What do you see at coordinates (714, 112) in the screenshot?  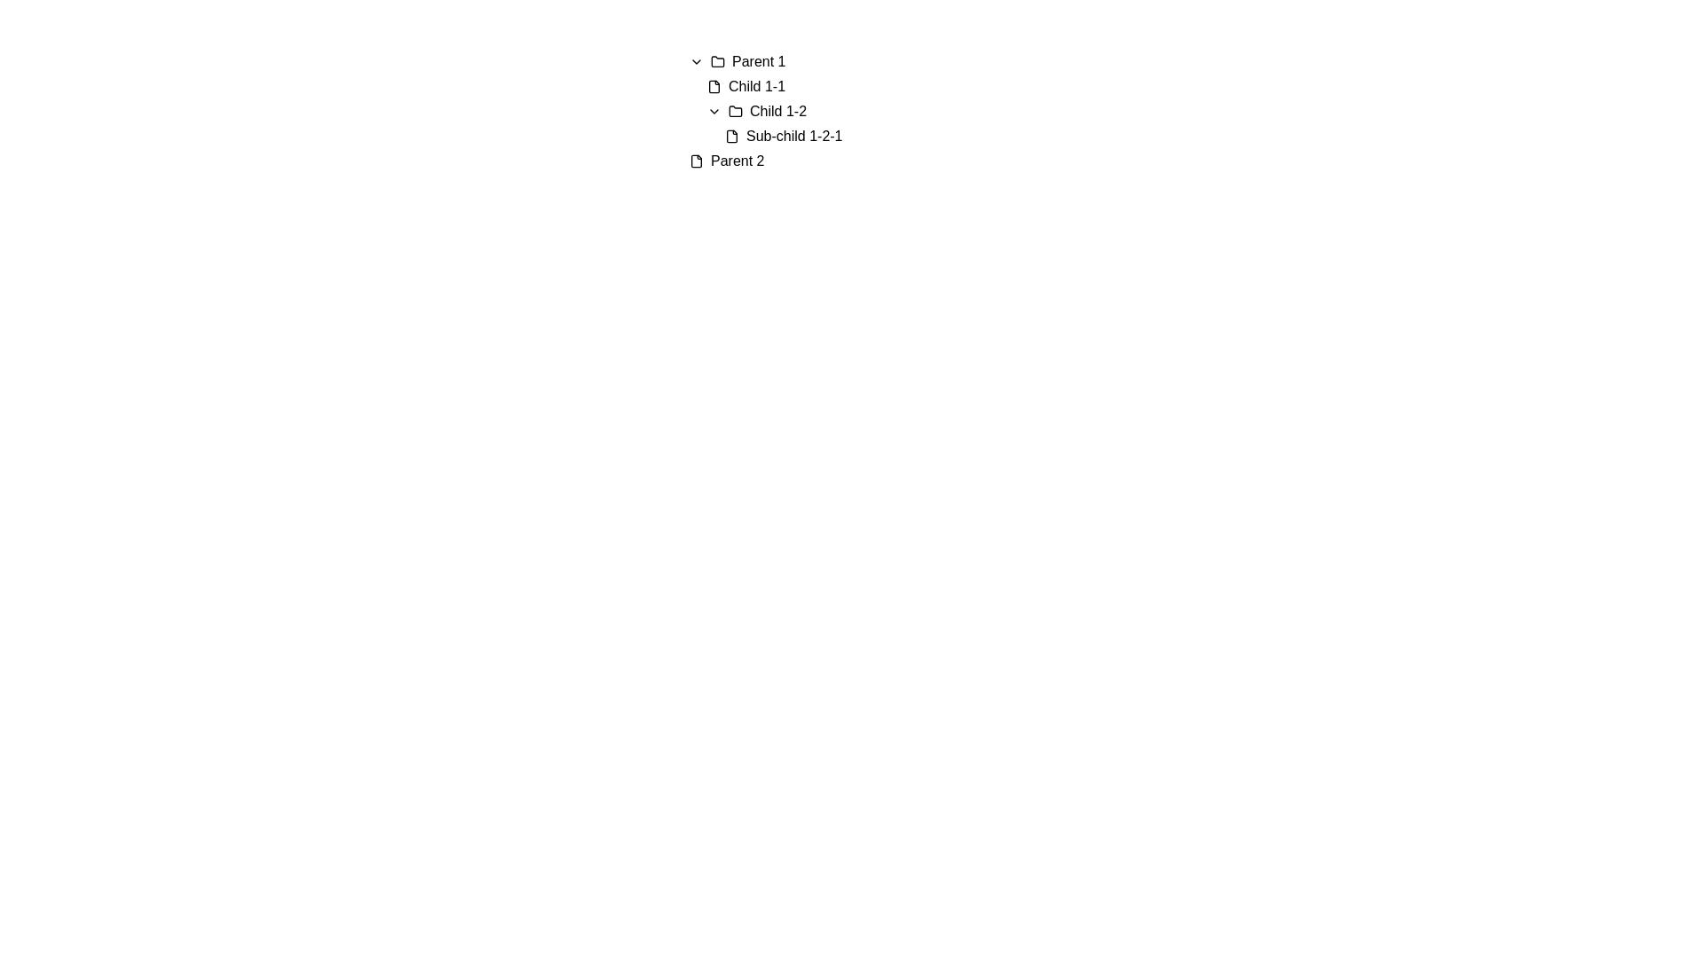 I see `the downward arrow icon button for the collapsible section using keyboard navigation` at bounding box center [714, 112].